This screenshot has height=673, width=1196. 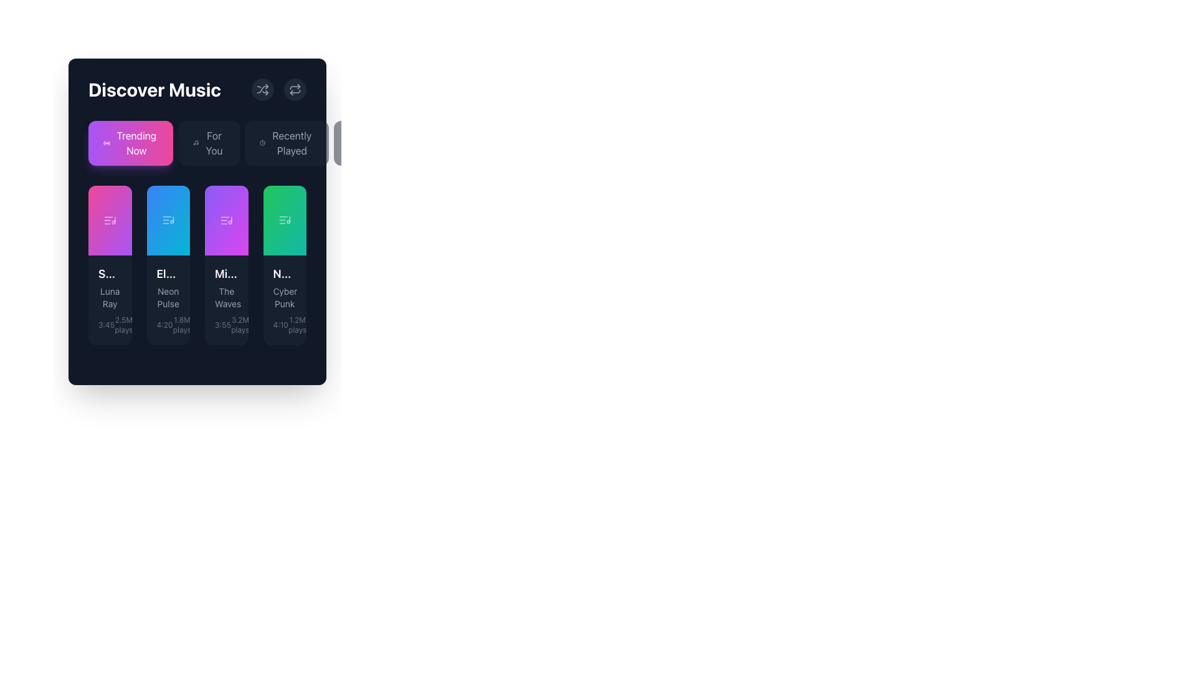 I want to click on the musical content icon located at the center of the square-shaped pink gradient background in the first card of the 'Trending Now' section of the 'Discover Music' interface, so click(x=110, y=220).